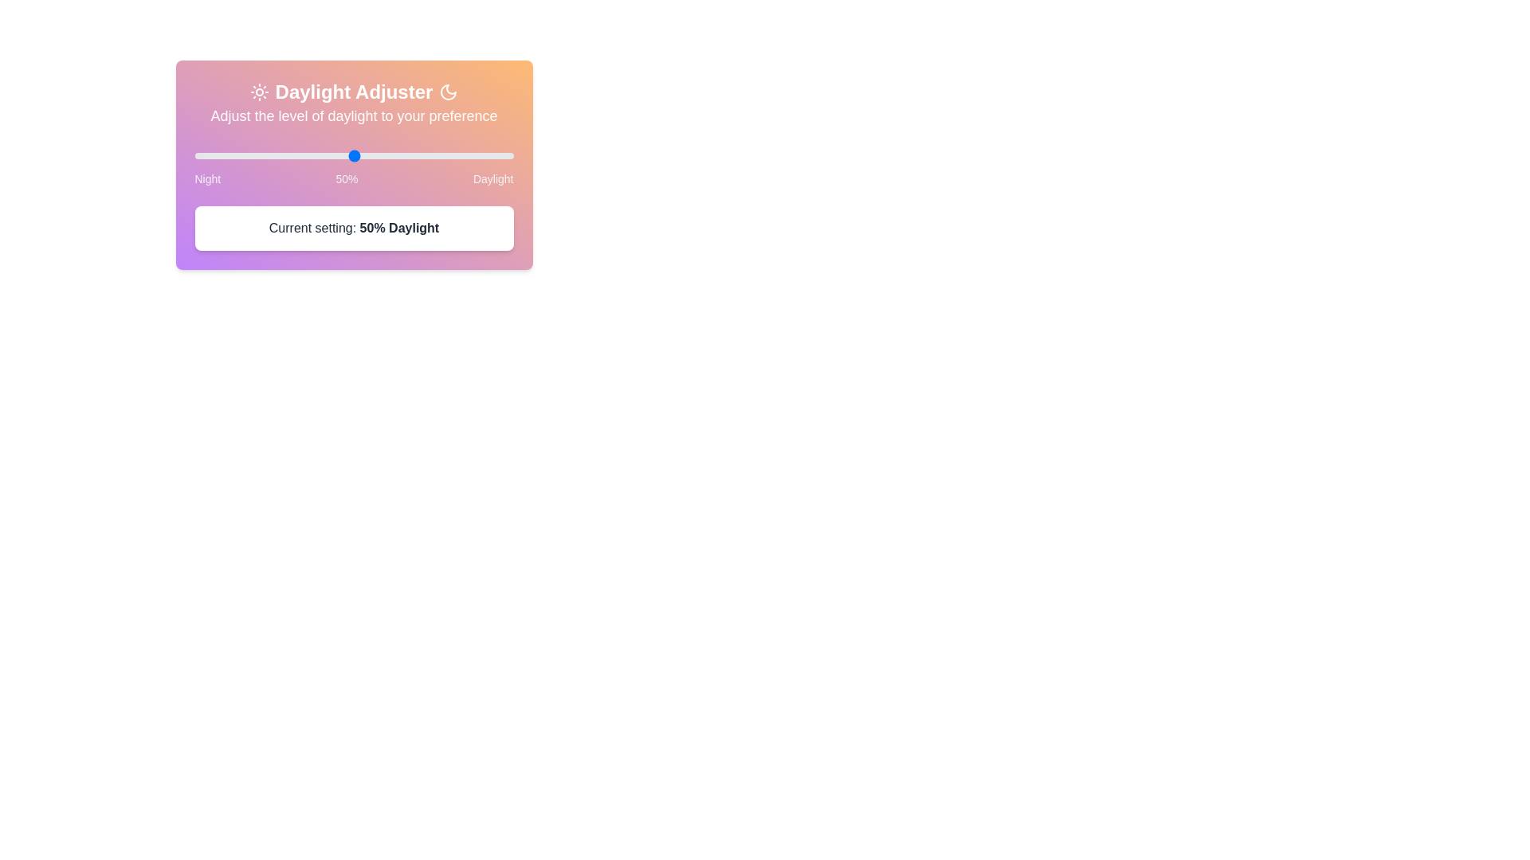  Describe the element at coordinates (194, 156) in the screenshot. I see `the slider to set the daylight level to 69%` at that location.